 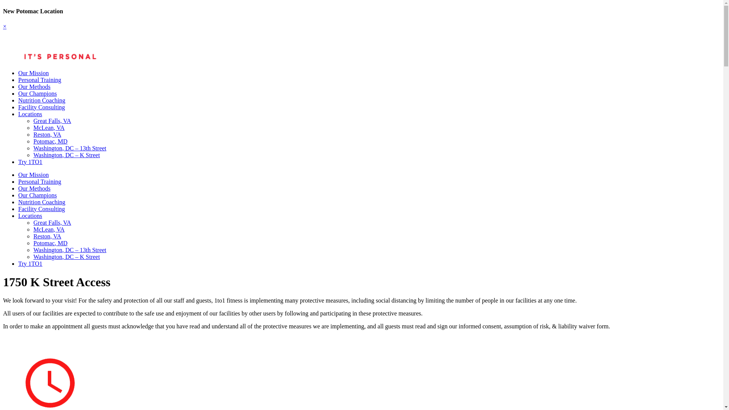 What do you see at coordinates (49, 229) in the screenshot?
I see `'McLean, VA'` at bounding box center [49, 229].